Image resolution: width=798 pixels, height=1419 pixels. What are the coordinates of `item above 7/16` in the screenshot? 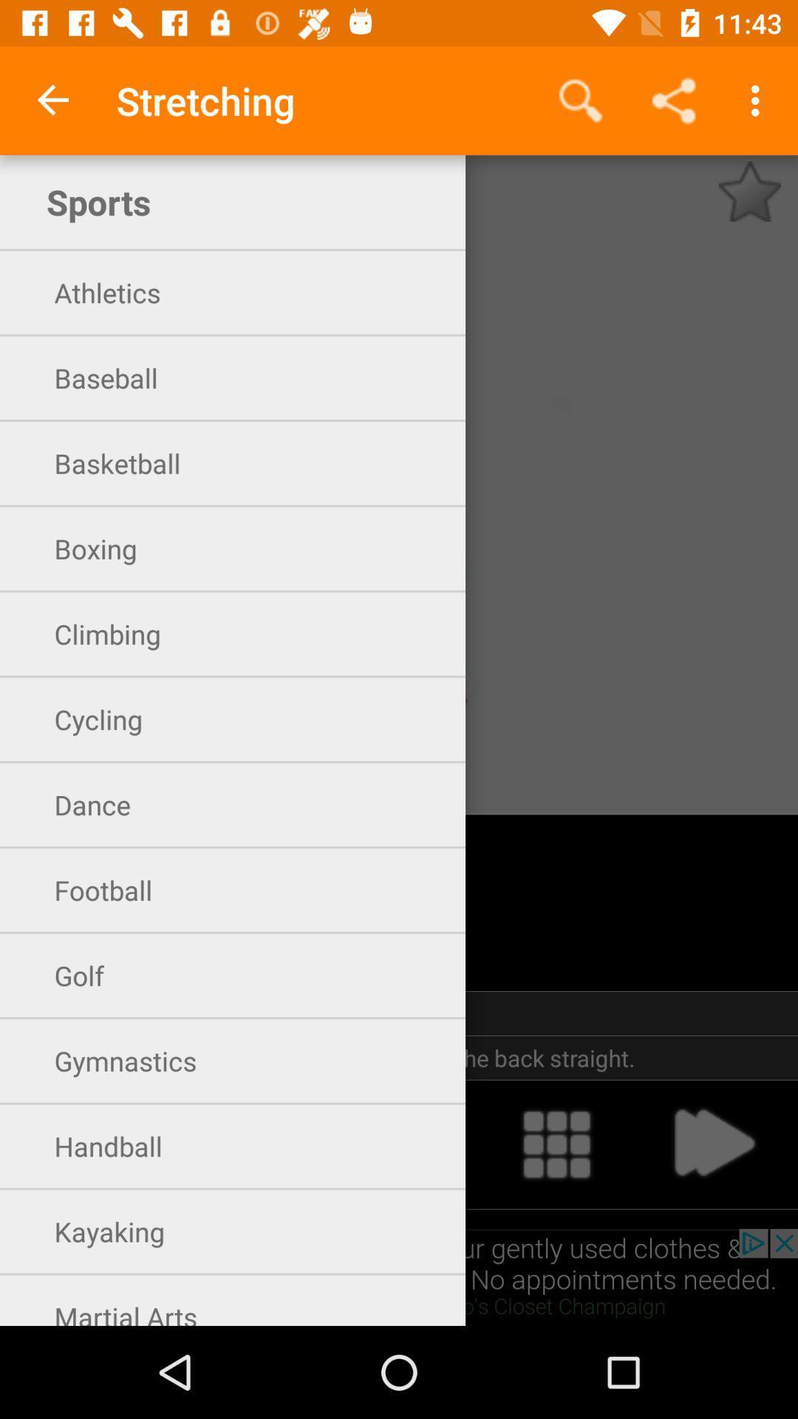 It's located at (580, 100).